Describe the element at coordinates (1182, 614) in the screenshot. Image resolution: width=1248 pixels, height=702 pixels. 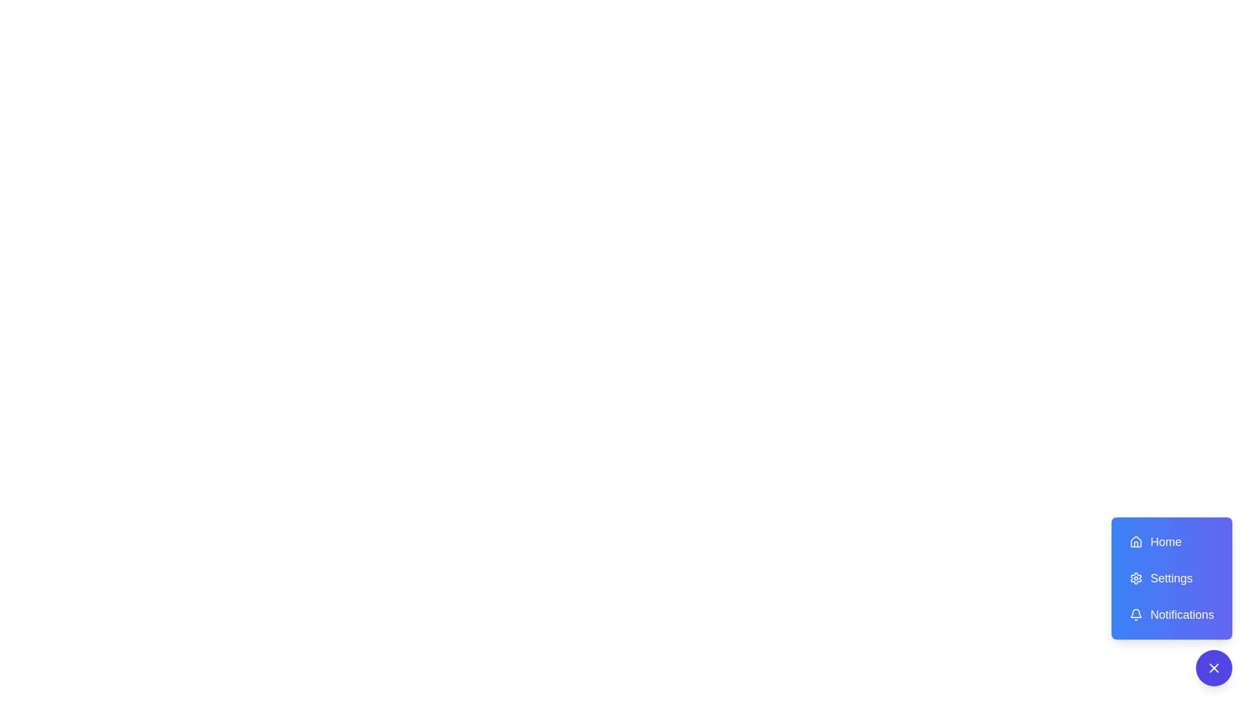
I see `the 'Notifications' label, which is a white text label on a blue background located in a dropdown menu, positioned below 'Settings' and 'Home'` at that location.